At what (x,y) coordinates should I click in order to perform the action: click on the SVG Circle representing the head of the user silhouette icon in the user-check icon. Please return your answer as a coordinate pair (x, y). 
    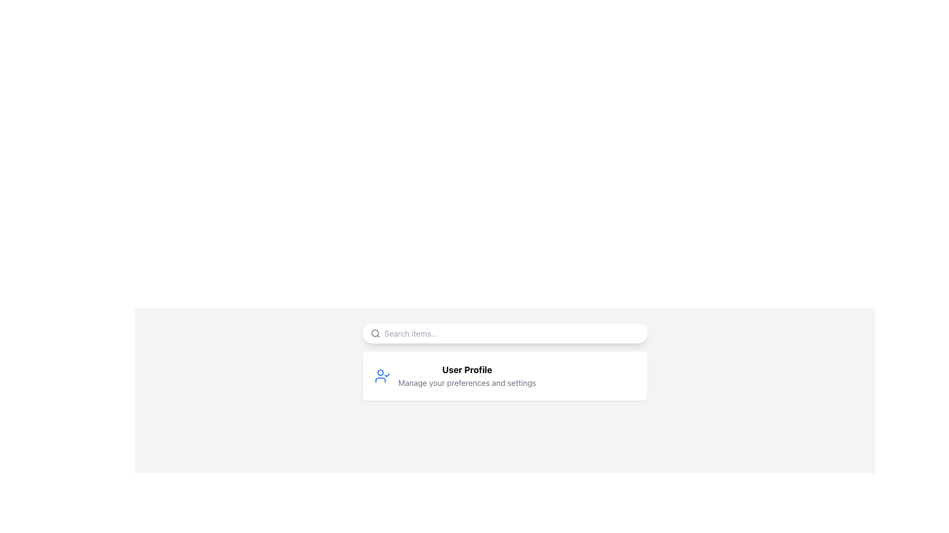
    Looking at the image, I should click on (380, 373).